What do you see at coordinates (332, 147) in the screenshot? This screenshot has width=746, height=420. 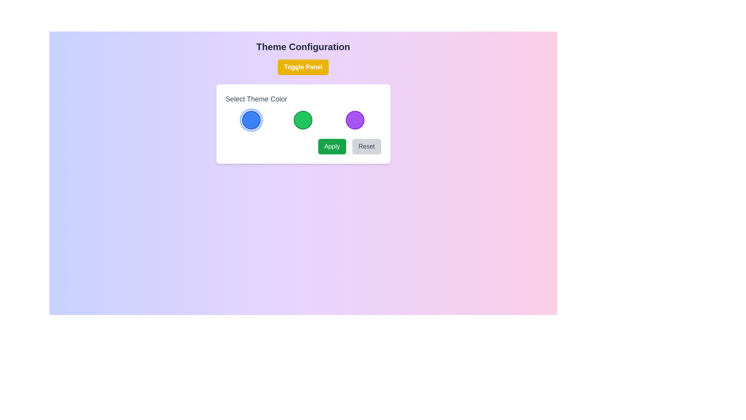 I see `the 'Apply' button` at bounding box center [332, 147].